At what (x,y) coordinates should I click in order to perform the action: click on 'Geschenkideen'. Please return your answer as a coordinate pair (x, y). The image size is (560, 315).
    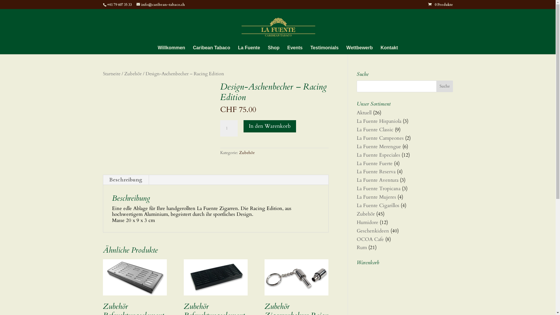
    Looking at the image, I should click on (372, 230).